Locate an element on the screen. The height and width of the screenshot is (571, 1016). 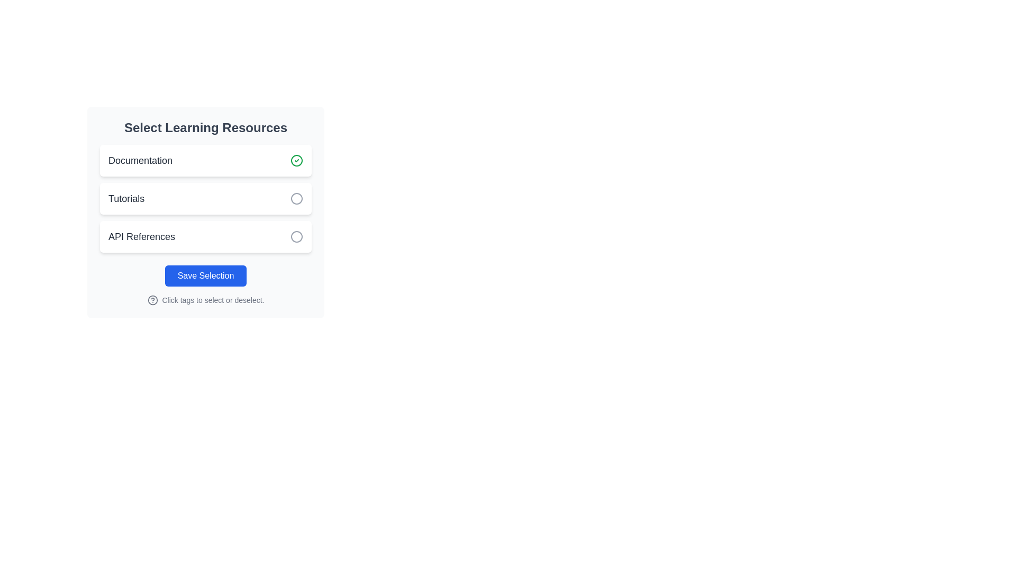
the 'Tutorials' button, which is a rectangular button with a white background and rounded corners, positioned below the 'Documentation' button is located at coordinates (205, 198).